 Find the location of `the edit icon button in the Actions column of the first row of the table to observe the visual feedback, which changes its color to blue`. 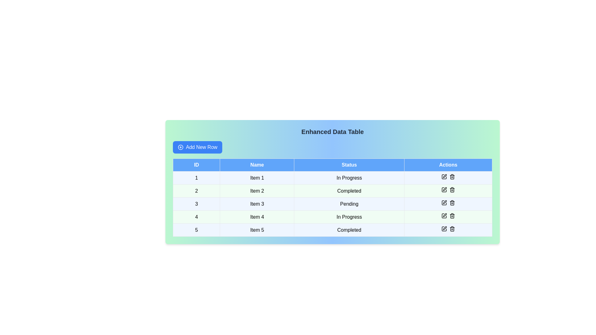

the edit icon button in the Actions column of the first row of the table to observe the visual feedback, which changes its color to blue is located at coordinates (444, 177).